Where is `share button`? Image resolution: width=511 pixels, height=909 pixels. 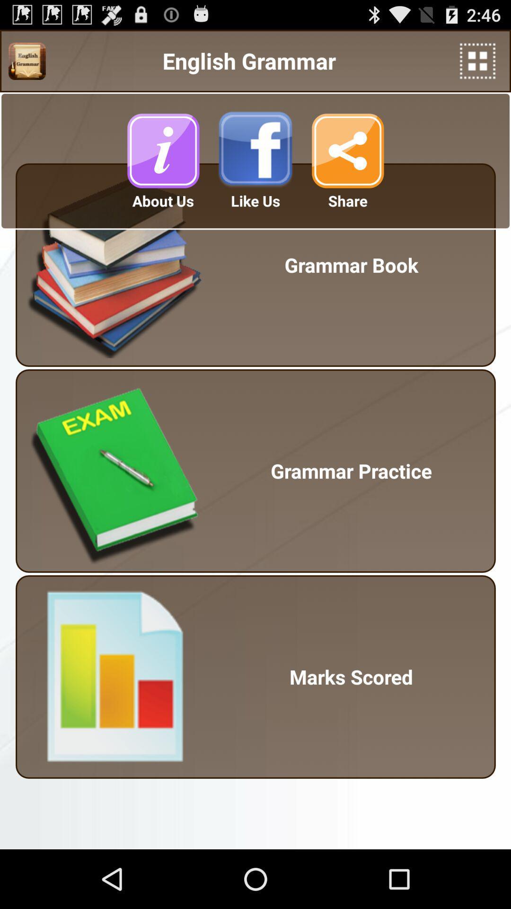
share button is located at coordinates (348, 150).